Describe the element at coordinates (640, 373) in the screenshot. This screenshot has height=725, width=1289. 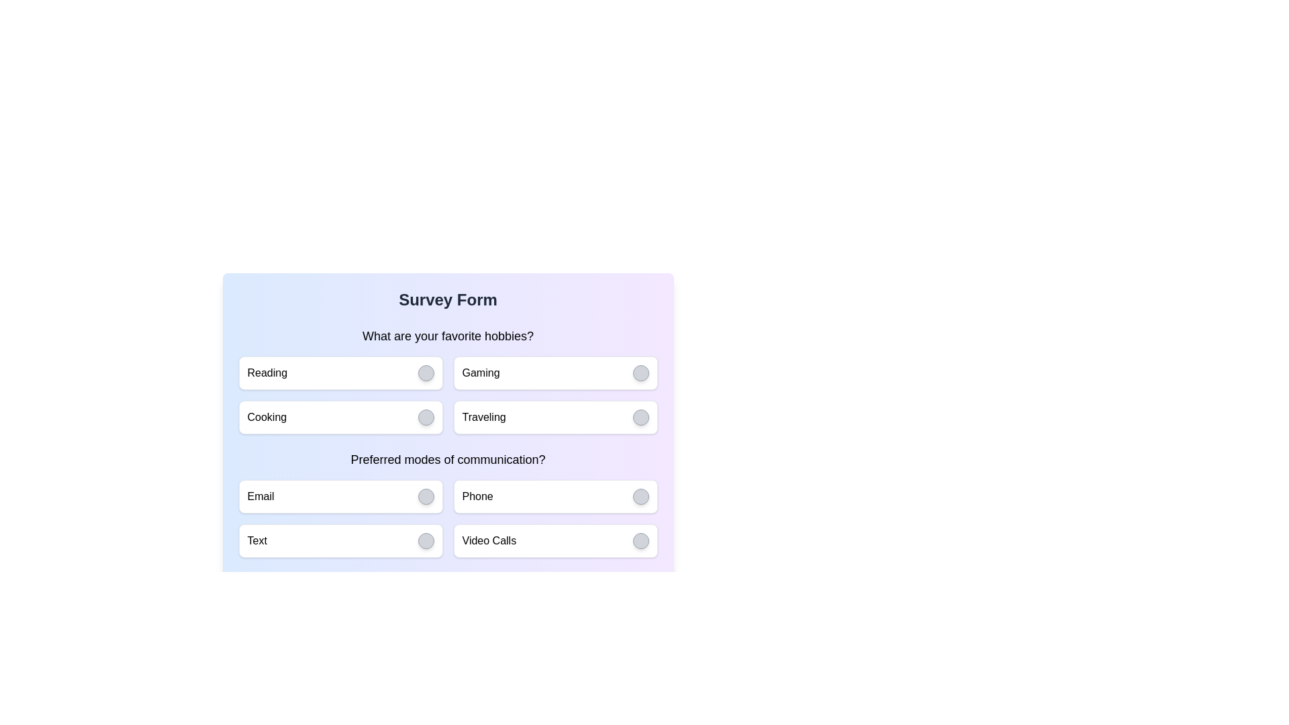
I see `the radio button located to the right of the text 'Gaming'` at that location.